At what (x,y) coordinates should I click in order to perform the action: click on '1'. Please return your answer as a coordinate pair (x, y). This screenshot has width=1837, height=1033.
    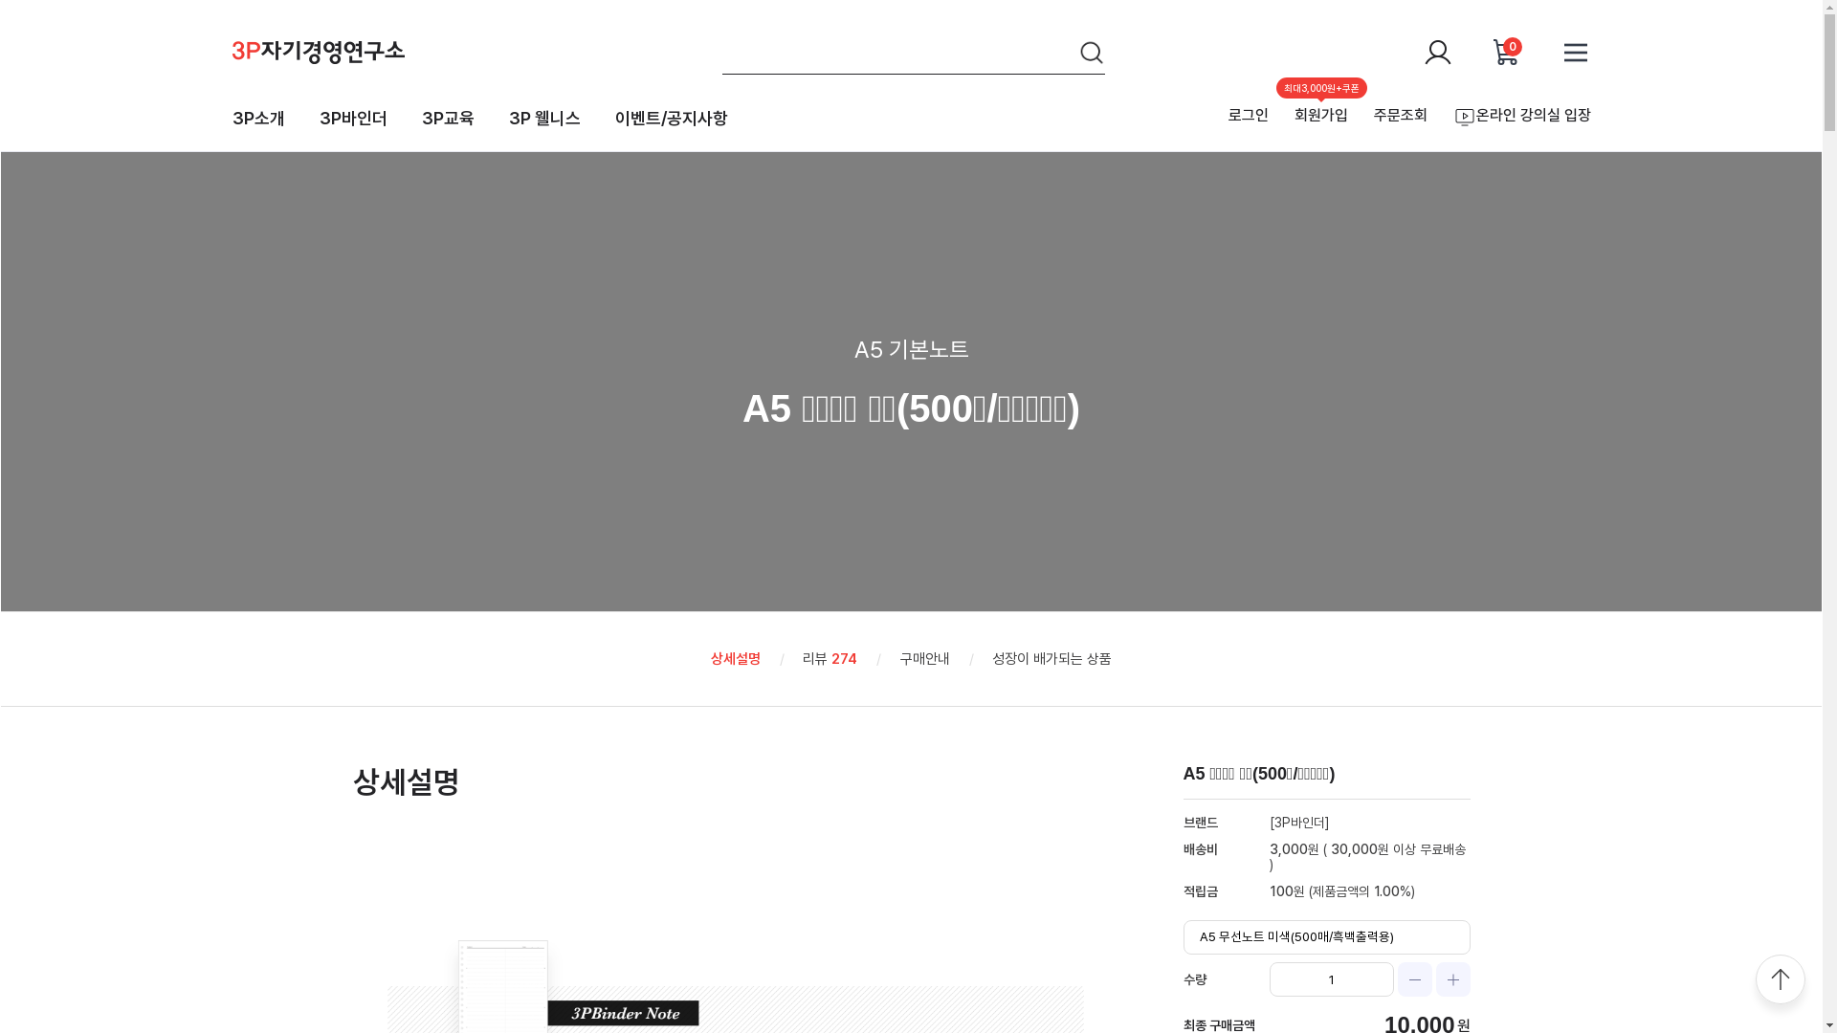
    Looking at the image, I should click on (1268, 978).